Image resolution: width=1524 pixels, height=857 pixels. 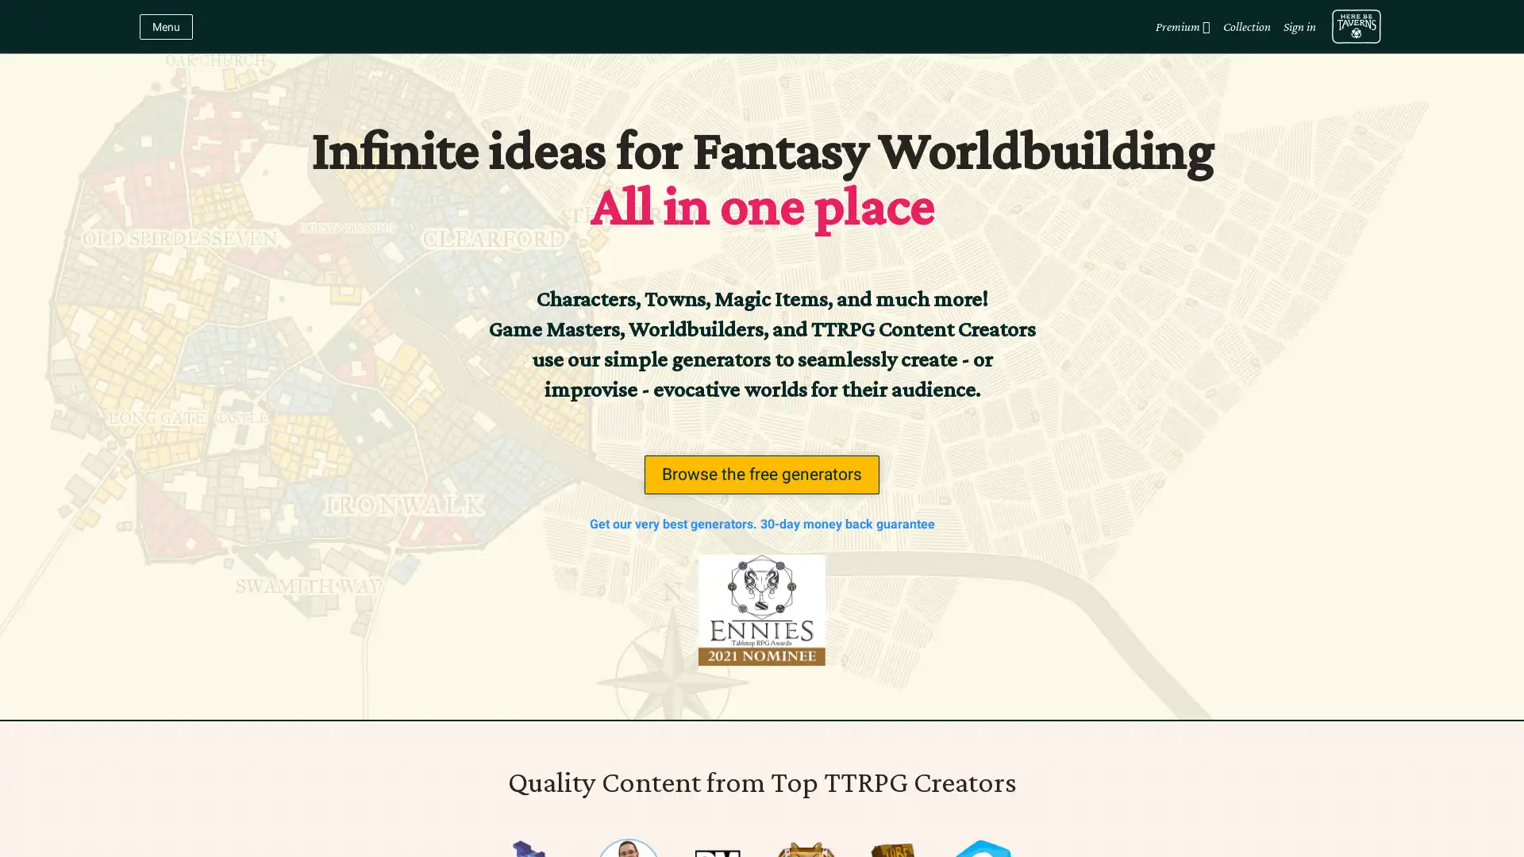 What do you see at coordinates (166, 26) in the screenshot?
I see `Menu` at bounding box center [166, 26].